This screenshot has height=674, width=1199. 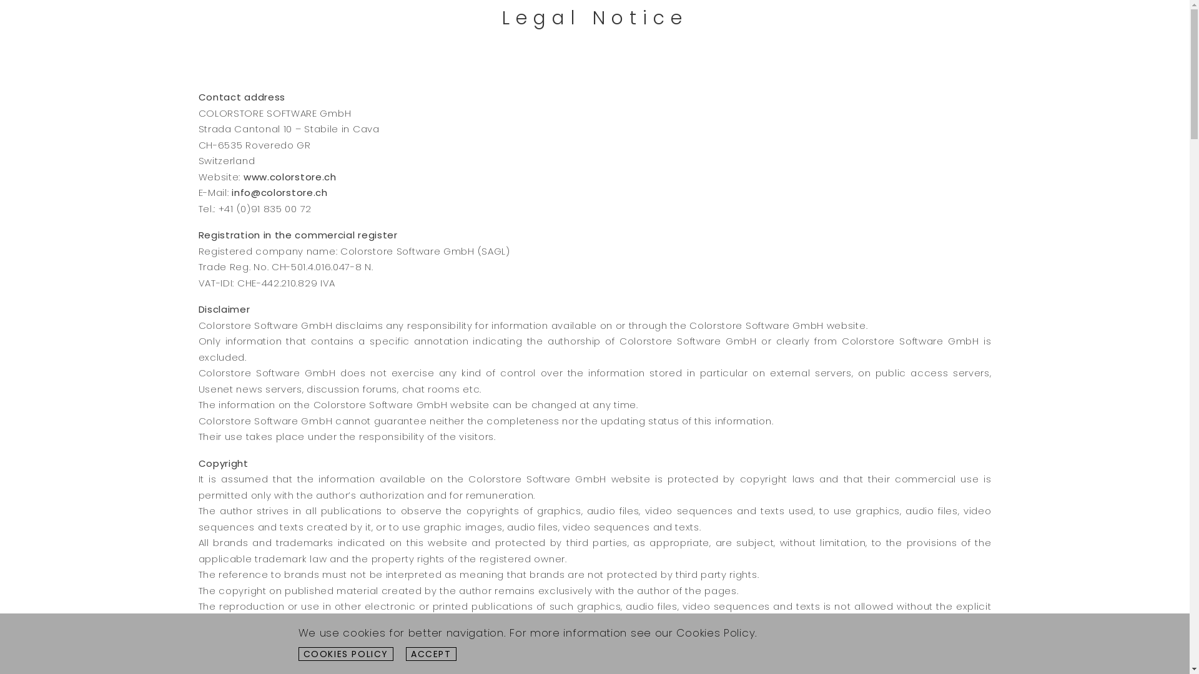 I want to click on 'www.colorstore.ch', so click(x=289, y=176).